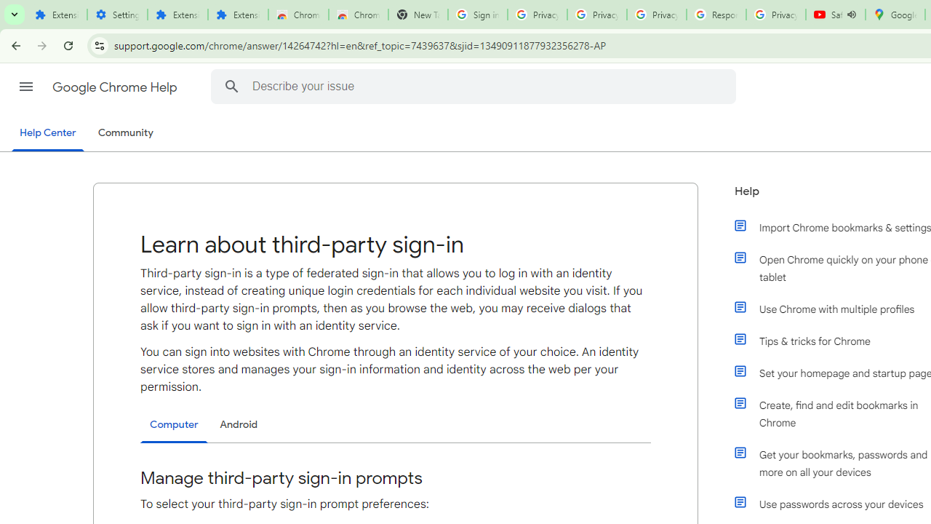 The height and width of the screenshot is (524, 931). Describe the element at coordinates (417, 15) in the screenshot. I see `'New Tab'` at that location.